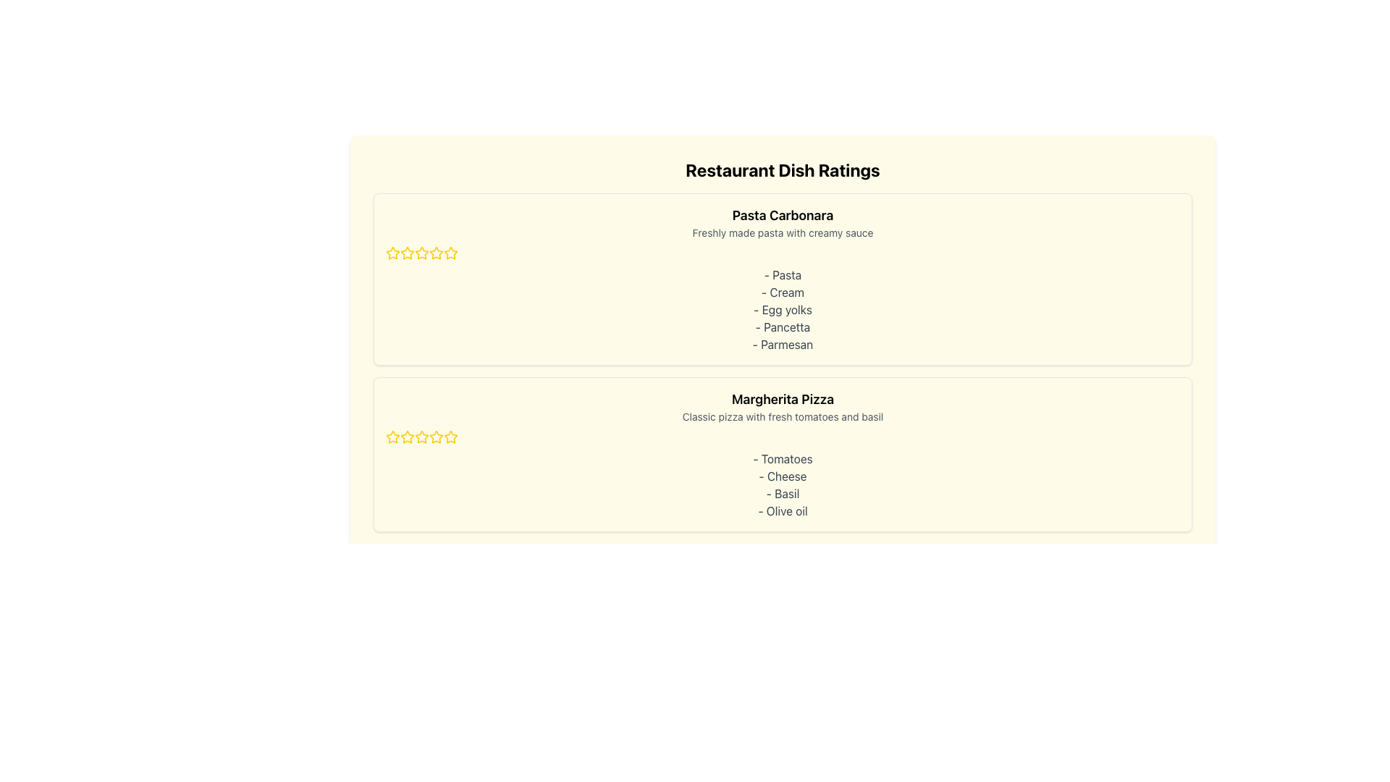  What do you see at coordinates (782, 275) in the screenshot?
I see `text of the first item in the bulleted list under the title 'Pasta Carbonara', which displays '- Pasta'` at bounding box center [782, 275].